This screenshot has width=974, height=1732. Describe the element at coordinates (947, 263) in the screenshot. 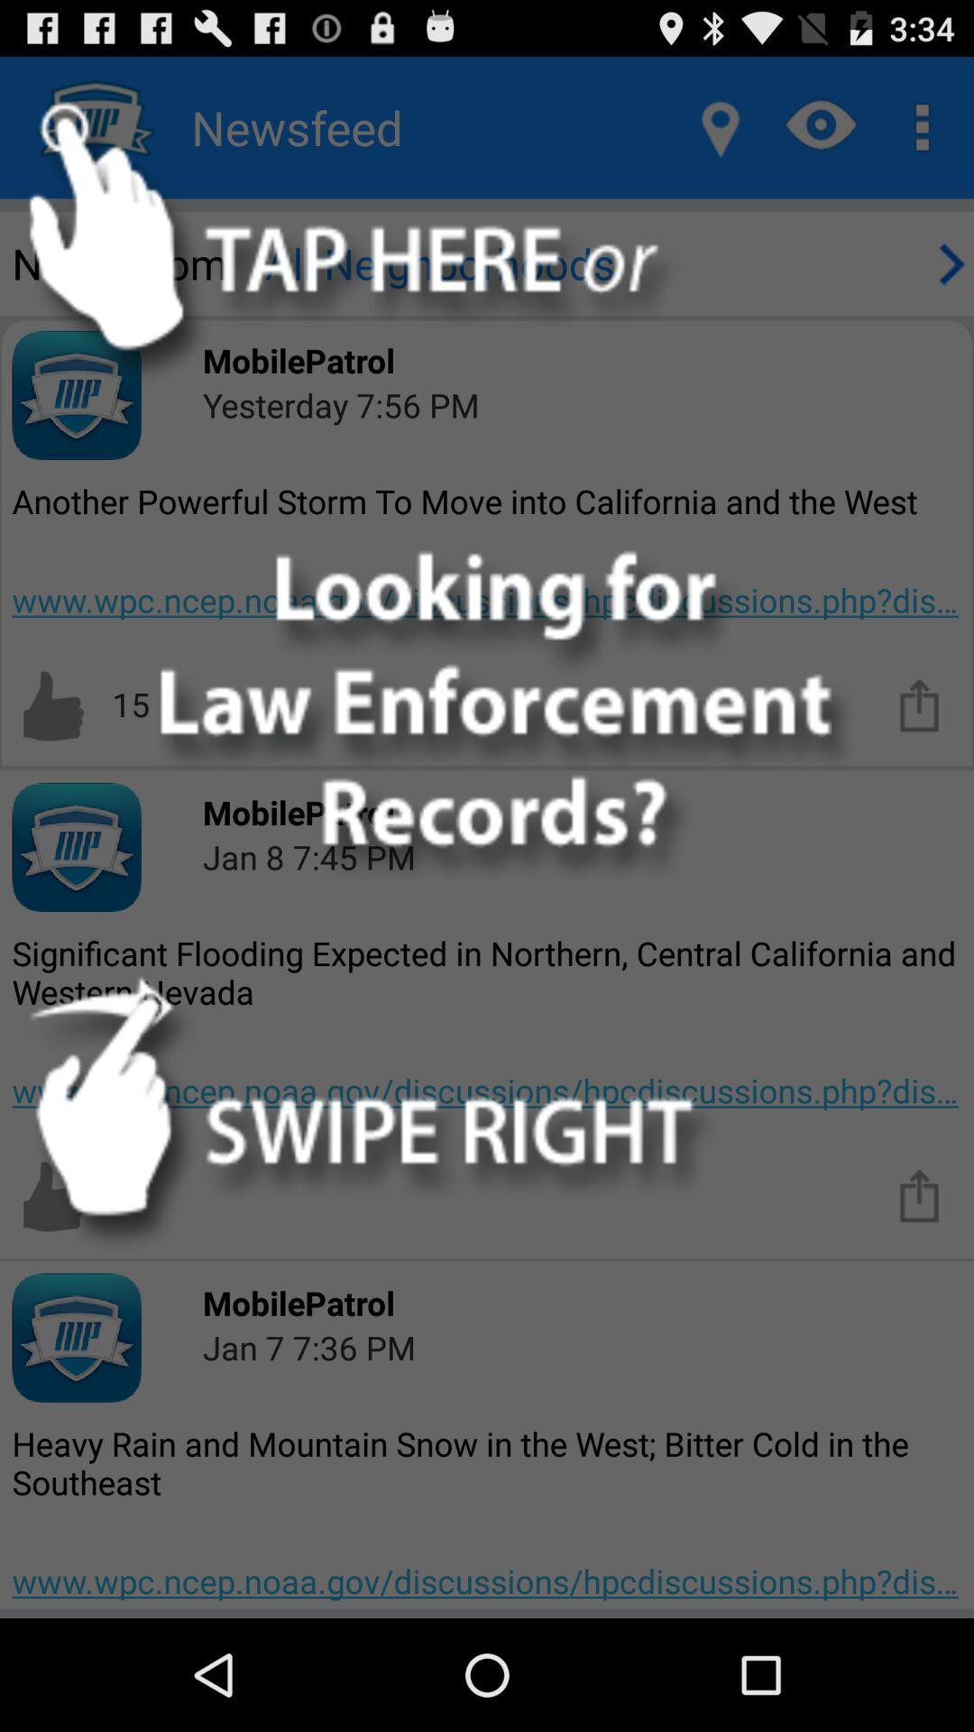

I see `next` at that location.